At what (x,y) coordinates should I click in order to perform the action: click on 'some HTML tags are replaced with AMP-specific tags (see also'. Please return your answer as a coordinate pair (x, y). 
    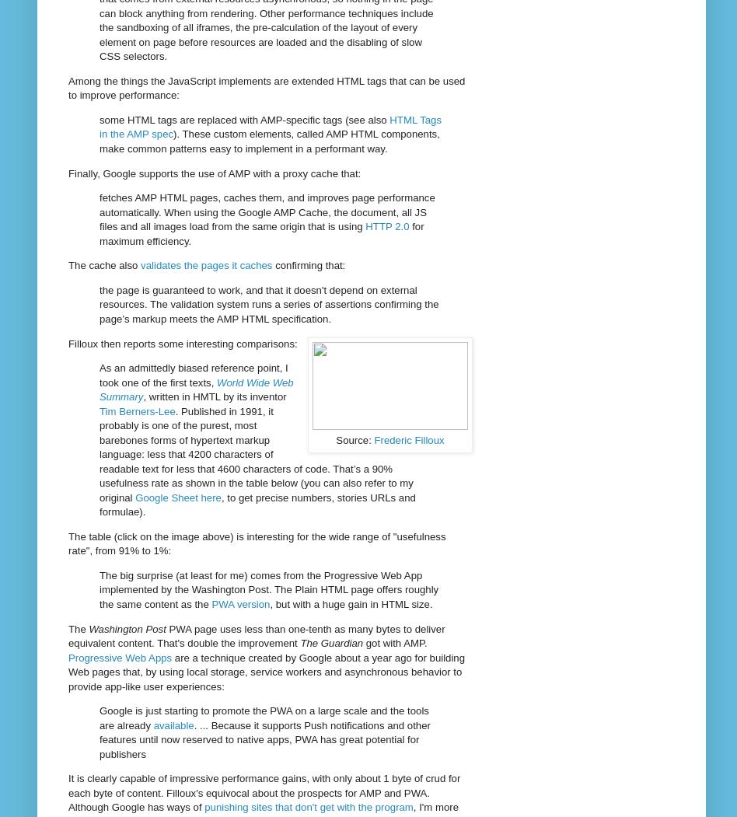
    Looking at the image, I should click on (244, 118).